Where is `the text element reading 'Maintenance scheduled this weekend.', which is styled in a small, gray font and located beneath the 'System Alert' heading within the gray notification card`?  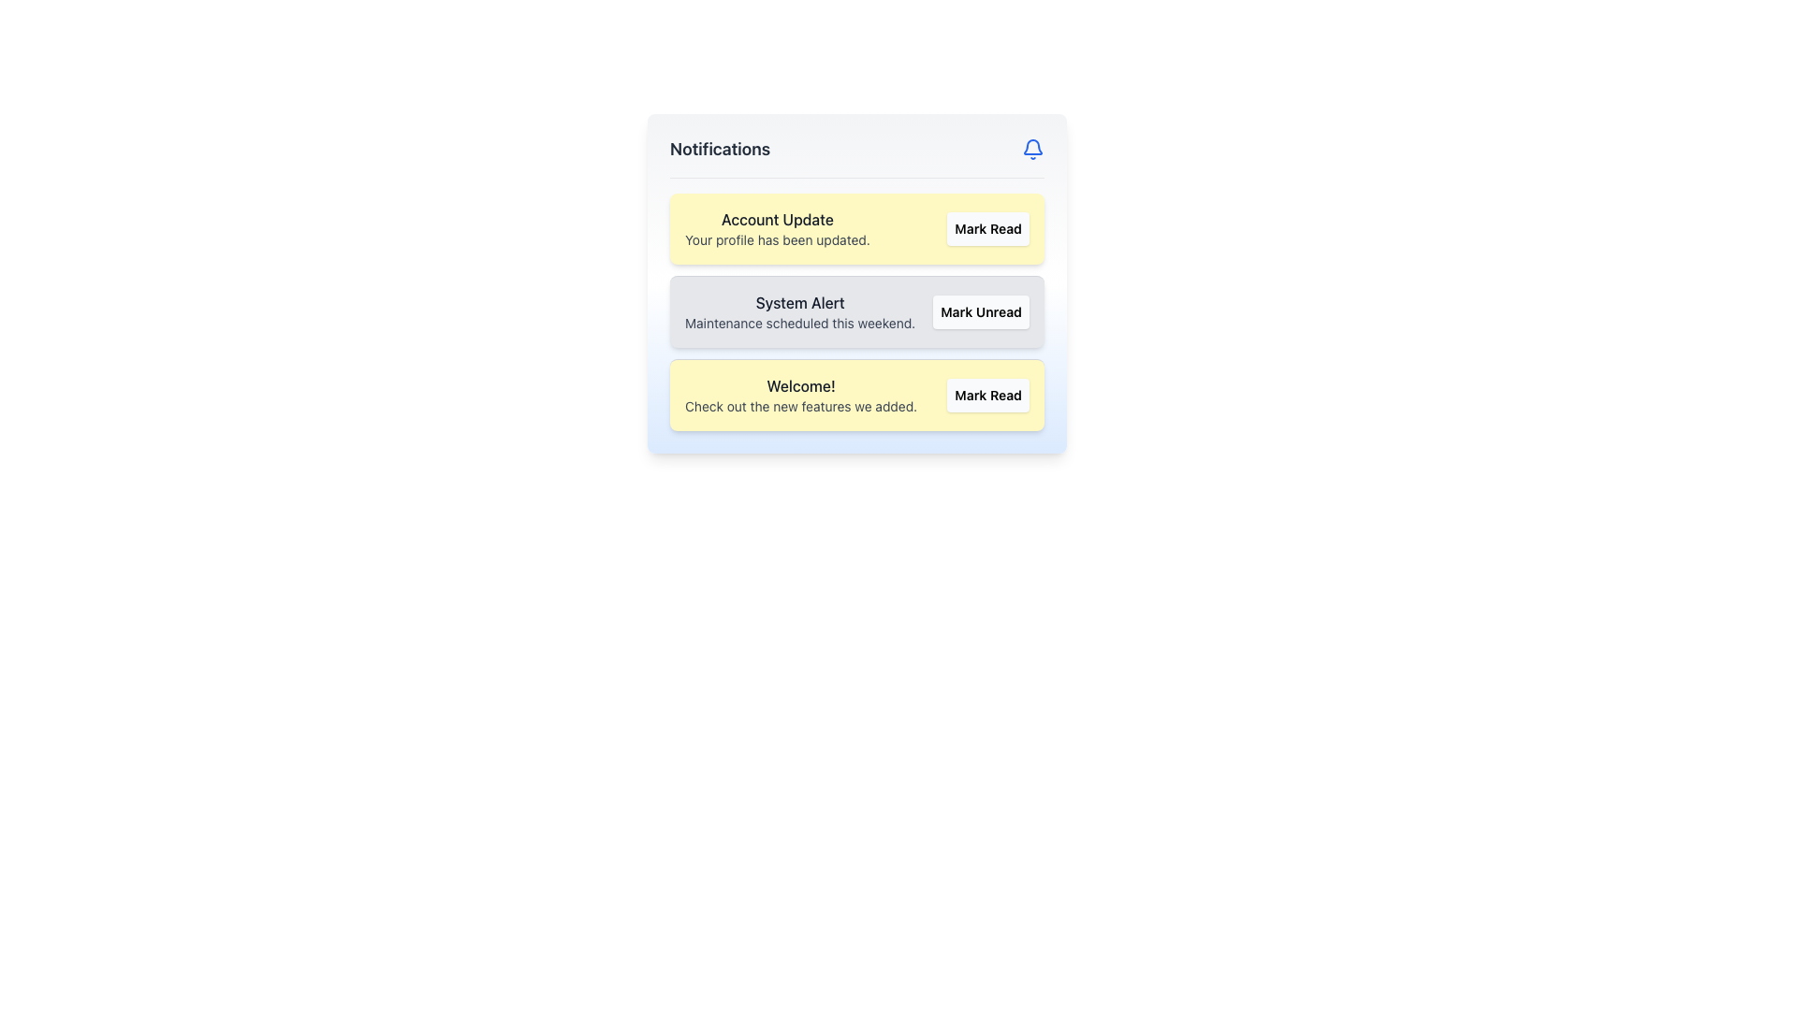
the text element reading 'Maintenance scheduled this weekend.', which is styled in a small, gray font and located beneath the 'System Alert' heading within the gray notification card is located at coordinates (800, 323).